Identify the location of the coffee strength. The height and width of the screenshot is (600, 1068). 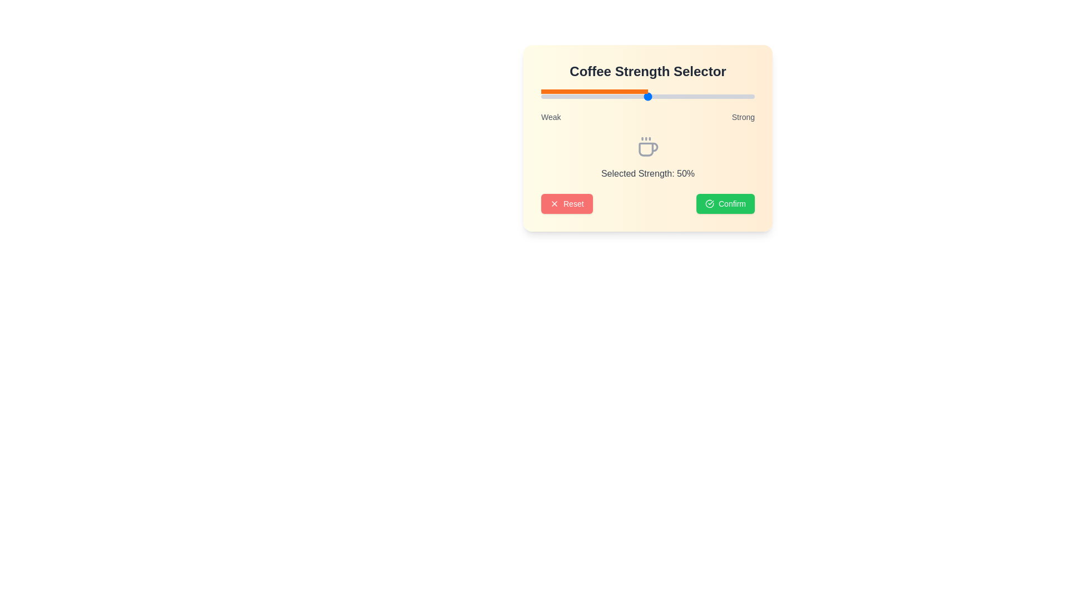
(571, 96).